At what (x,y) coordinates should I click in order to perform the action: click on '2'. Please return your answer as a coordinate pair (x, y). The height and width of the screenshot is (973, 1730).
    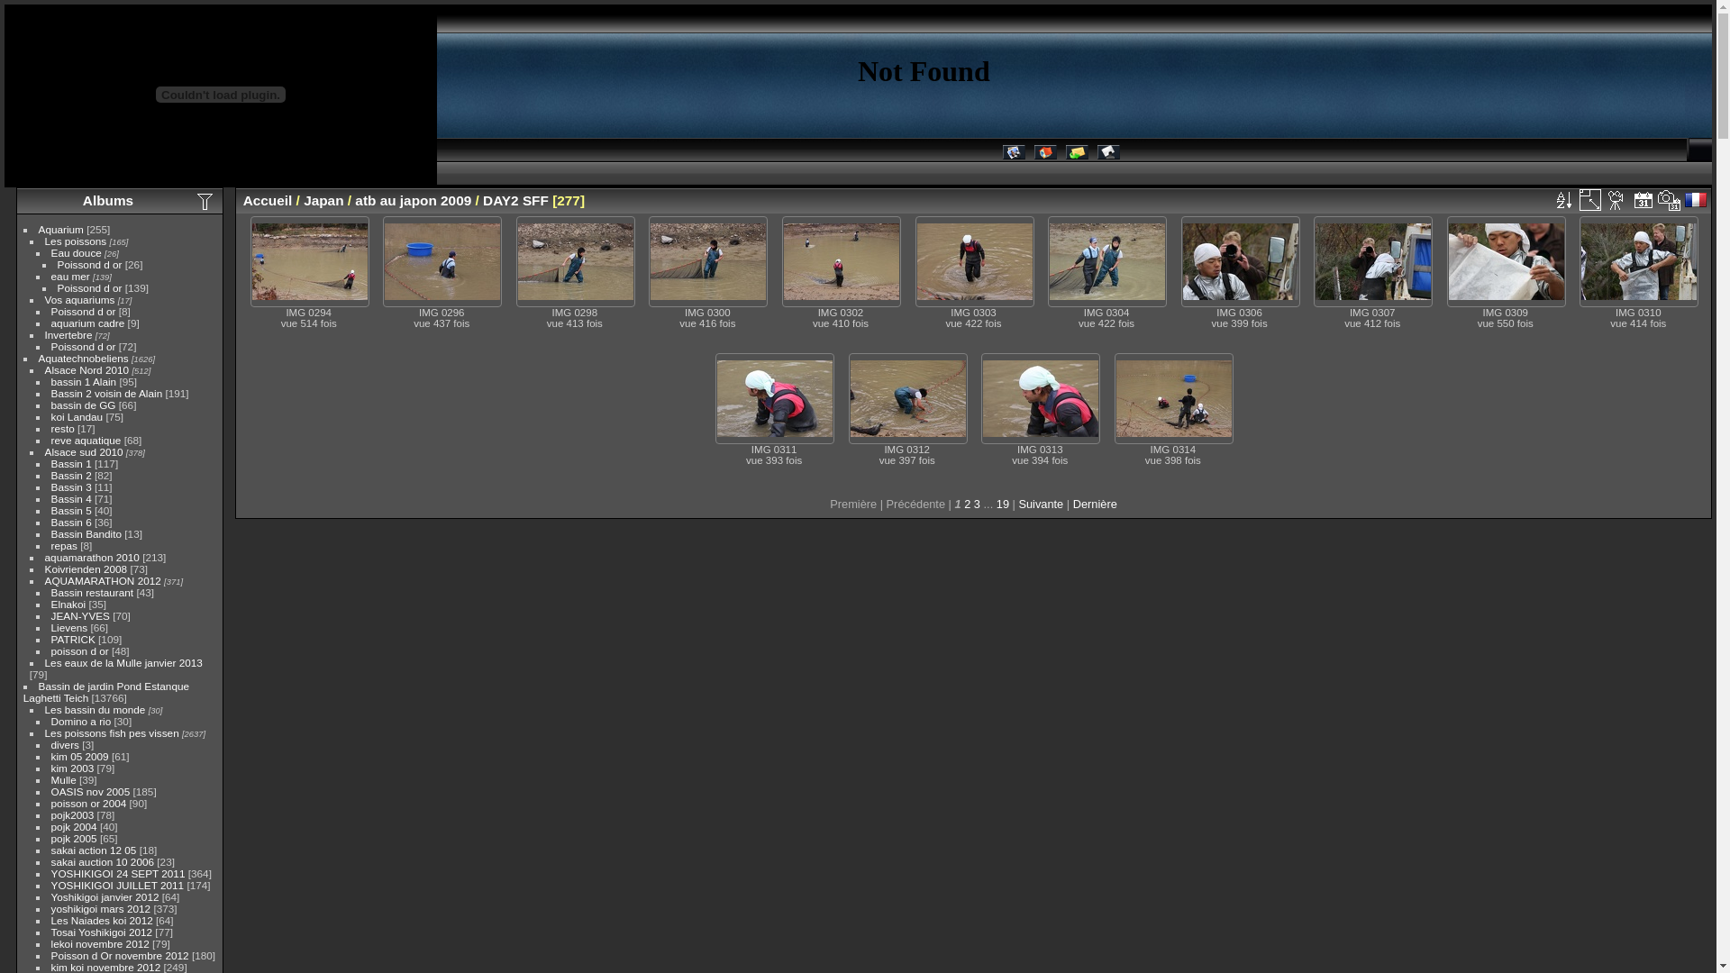
    Looking at the image, I should click on (966, 504).